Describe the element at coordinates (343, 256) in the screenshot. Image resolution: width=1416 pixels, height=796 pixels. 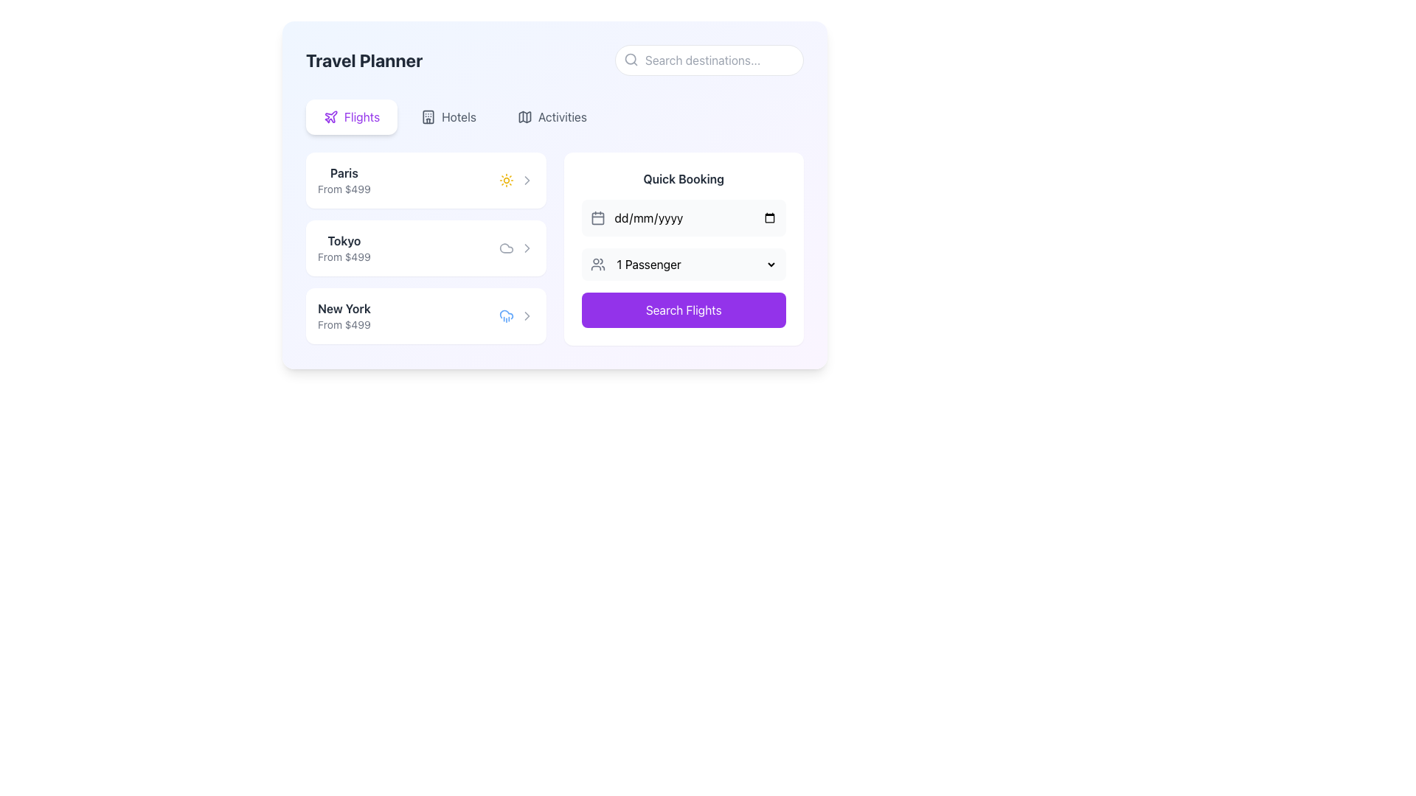
I see `the text label displaying supplementary information that reads 'From $499', which is positioned below the 'Tokyo' text` at that location.